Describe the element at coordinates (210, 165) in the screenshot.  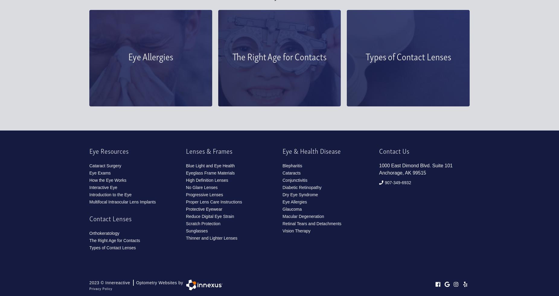
I see `'Blue Light and Eye Health'` at that location.